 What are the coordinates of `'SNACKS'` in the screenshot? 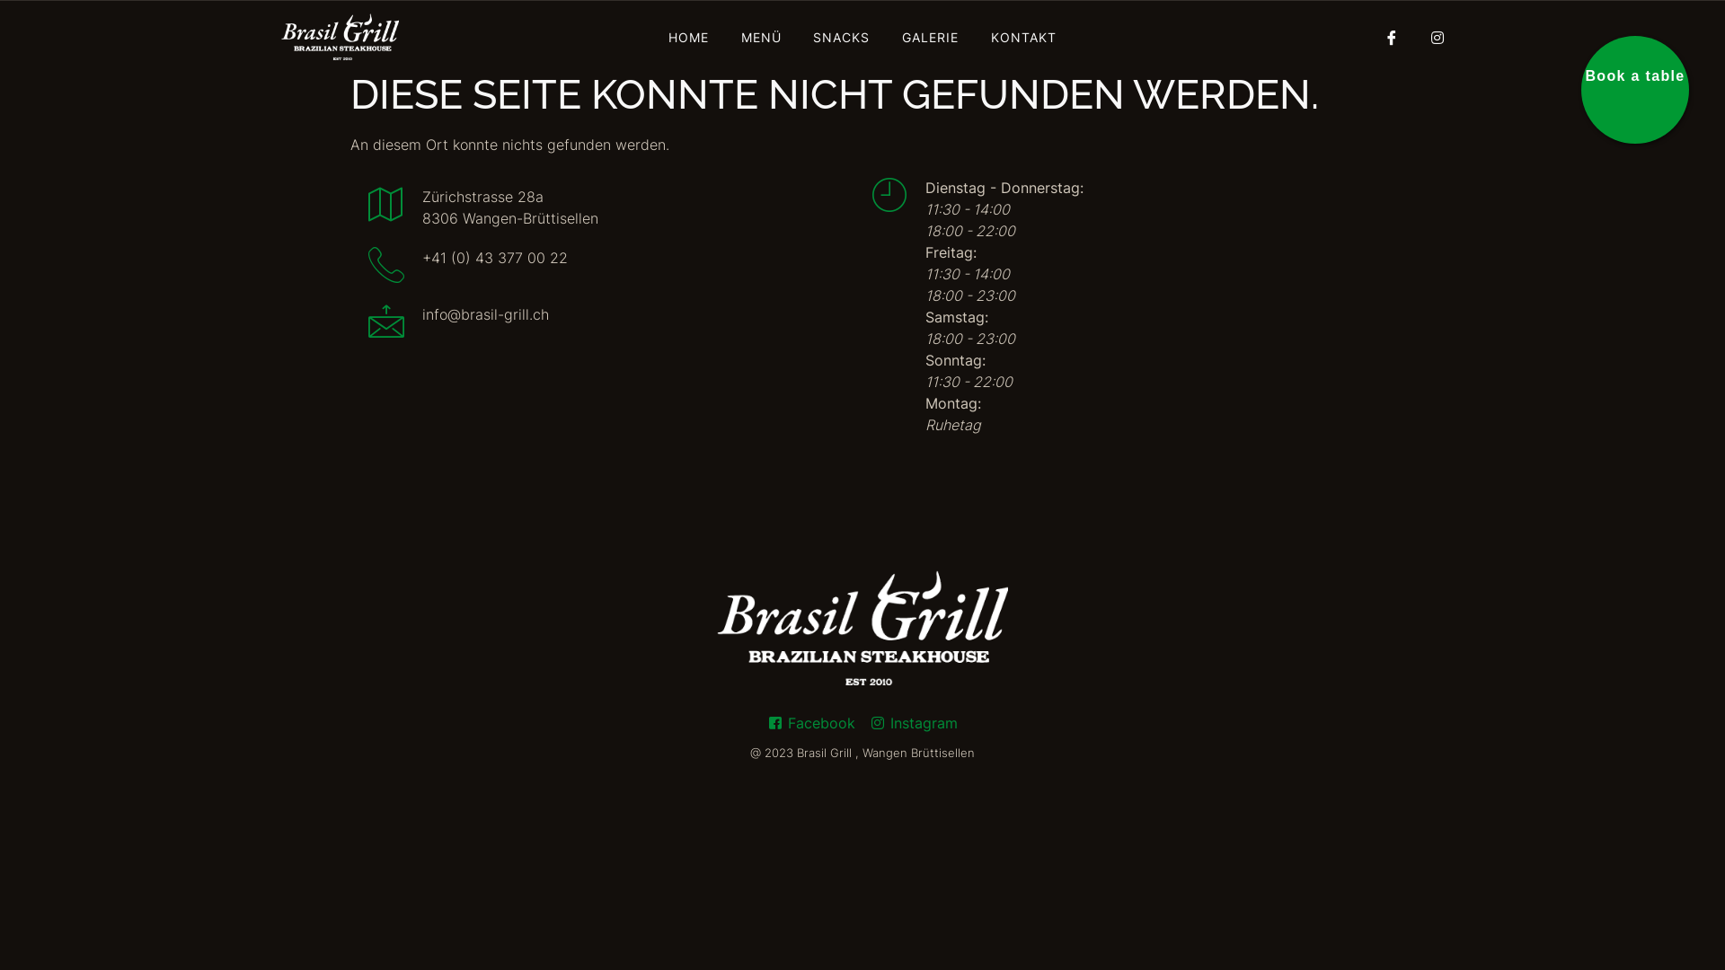 It's located at (840, 37).